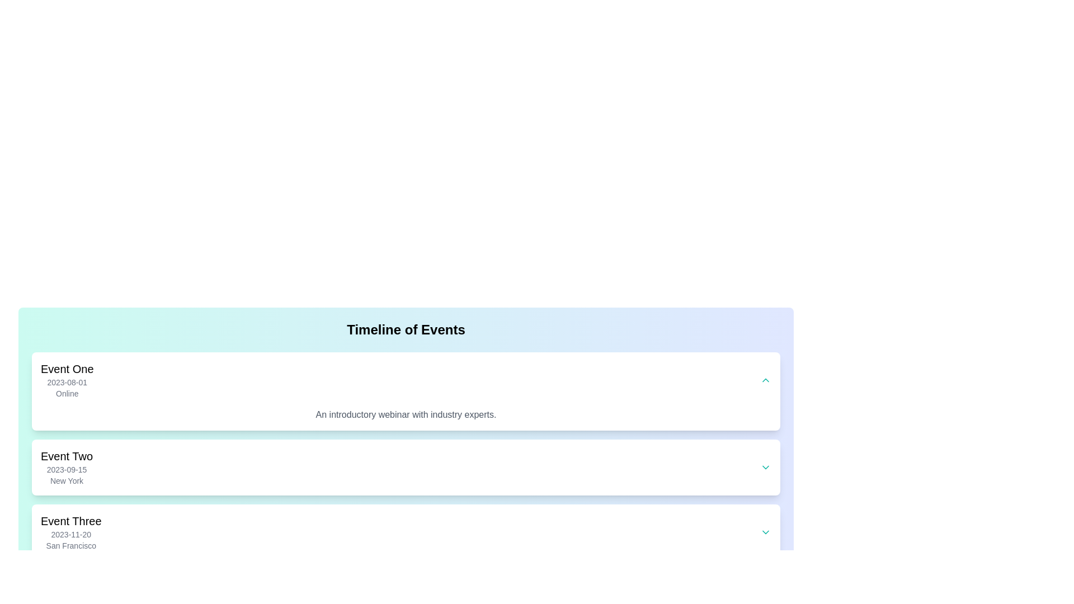 Image resolution: width=1074 pixels, height=604 pixels. What do you see at coordinates (765, 379) in the screenshot?
I see `the Arrow Icon at the end of the 'Event One' section` at bounding box center [765, 379].